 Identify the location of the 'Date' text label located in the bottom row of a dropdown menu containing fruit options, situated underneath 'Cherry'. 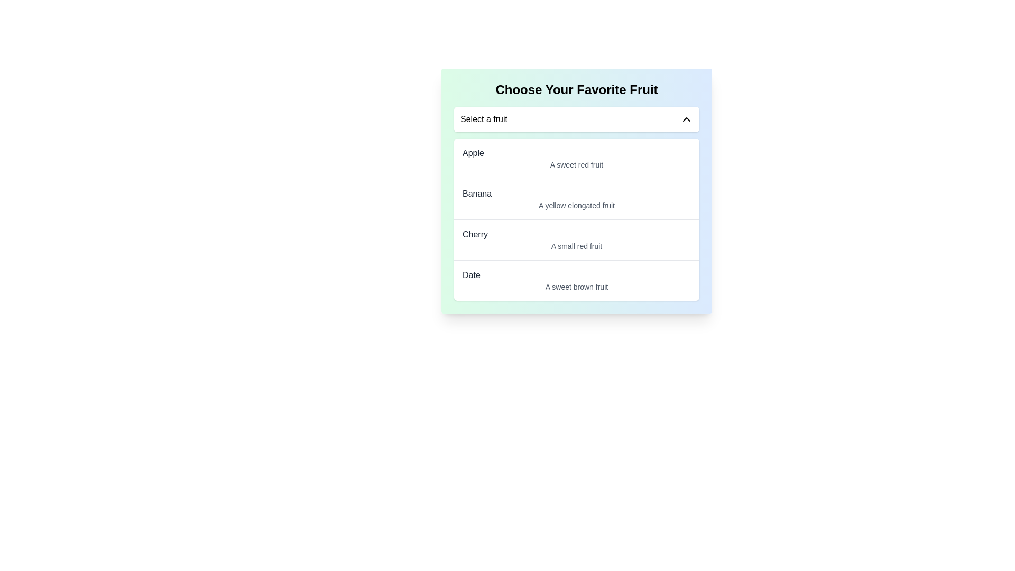
(470, 274).